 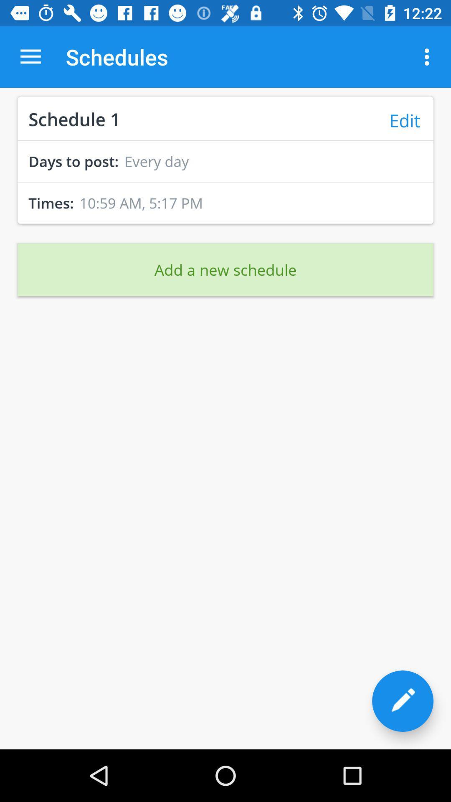 What do you see at coordinates (30, 56) in the screenshot?
I see `the icon above schedule 1 icon` at bounding box center [30, 56].